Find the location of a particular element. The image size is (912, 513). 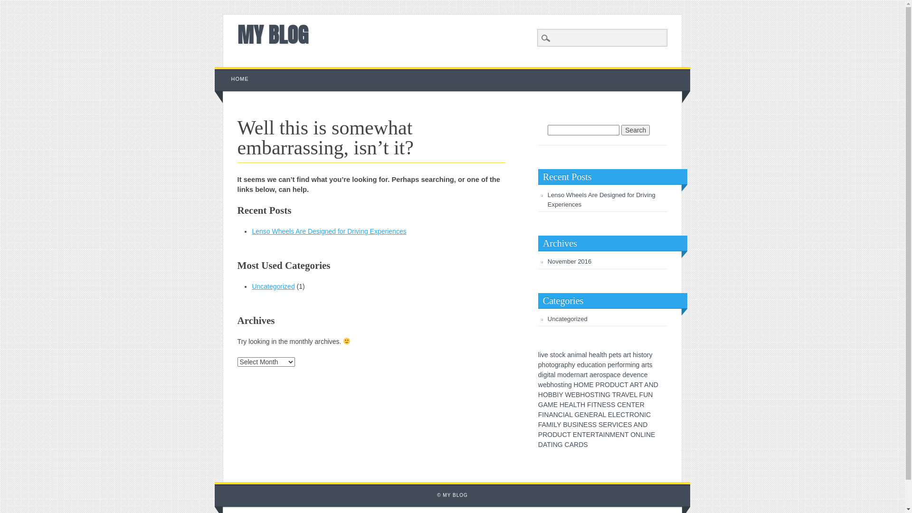

'e' is located at coordinates (545, 385).